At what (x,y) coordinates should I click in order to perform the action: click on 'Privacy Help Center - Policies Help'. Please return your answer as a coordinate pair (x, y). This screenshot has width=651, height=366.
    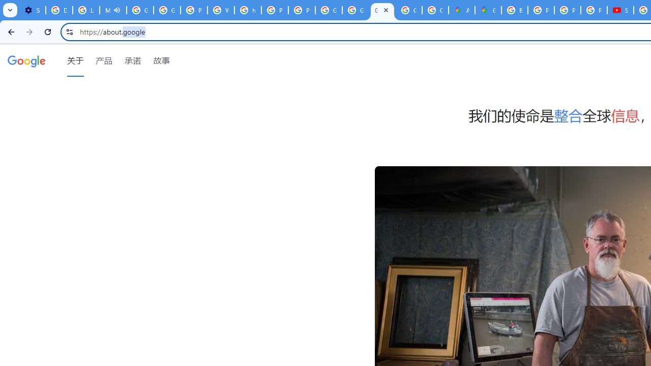
    Looking at the image, I should click on (567, 10).